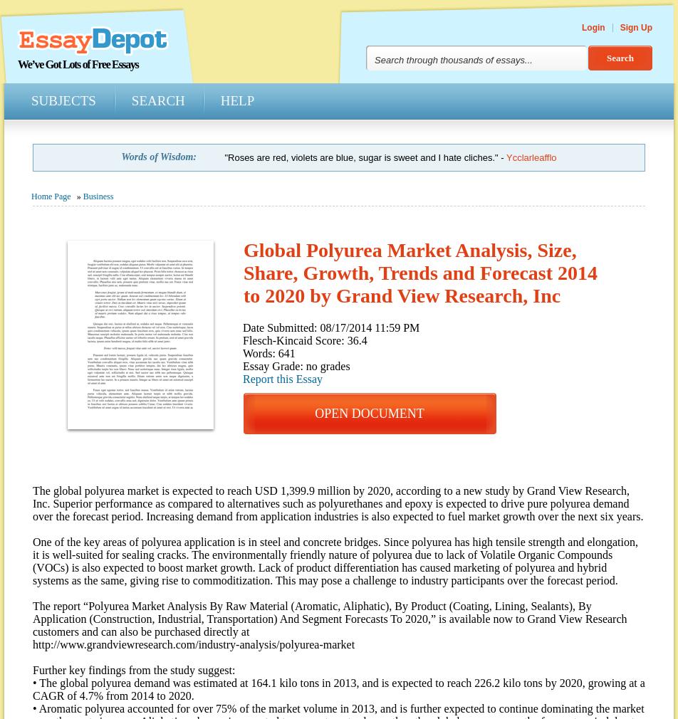  What do you see at coordinates (593, 26) in the screenshot?
I see `'Login'` at bounding box center [593, 26].